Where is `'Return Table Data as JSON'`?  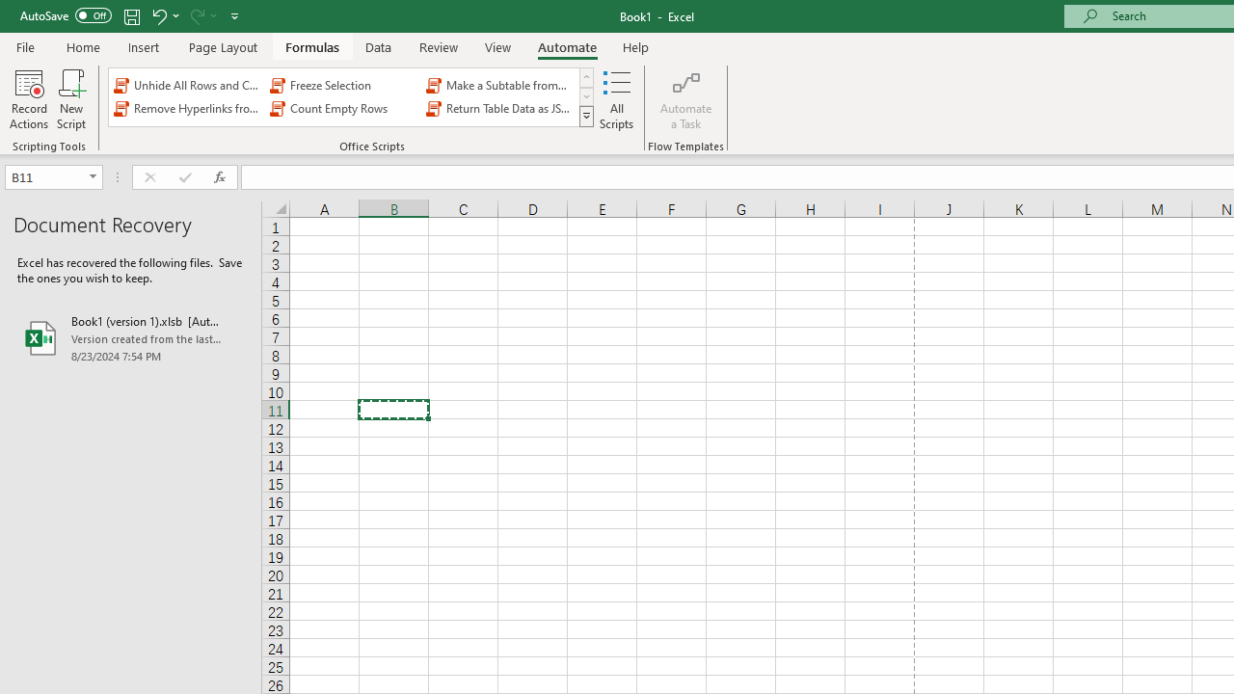 'Return Table Data as JSON' is located at coordinates (500, 109).